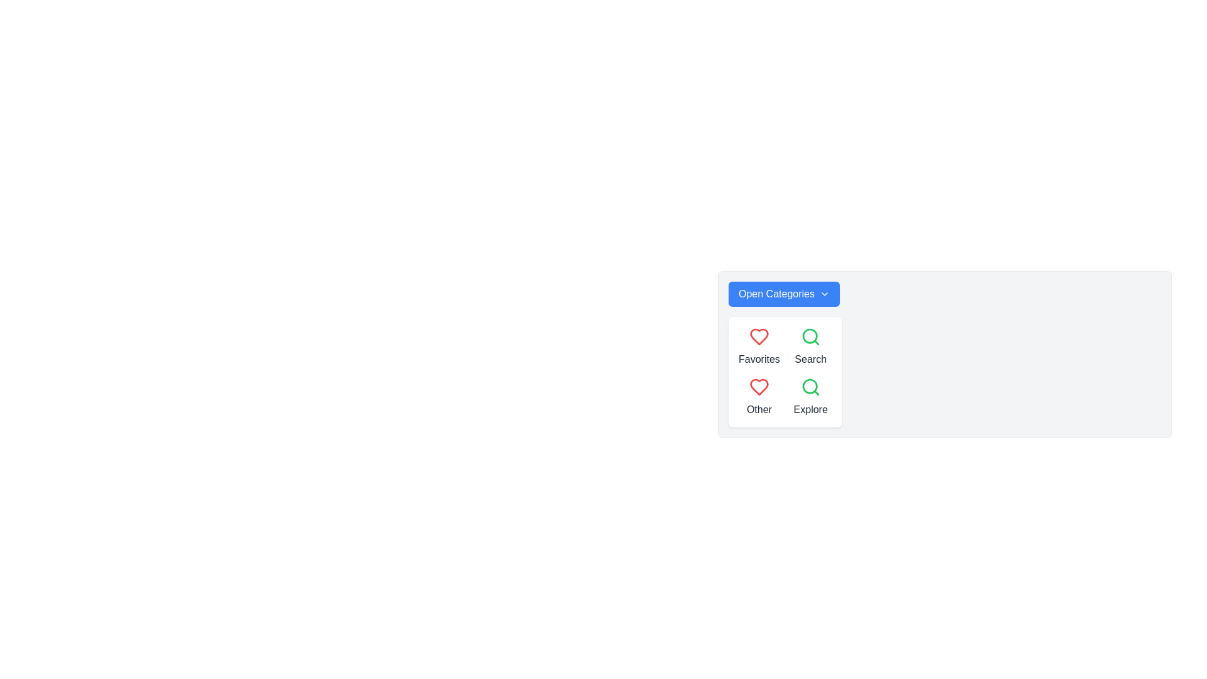 The image size is (1207, 679). I want to click on the Static Text Label that describes the purpose of the magnifying glass icon next to it, so click(810, 359).